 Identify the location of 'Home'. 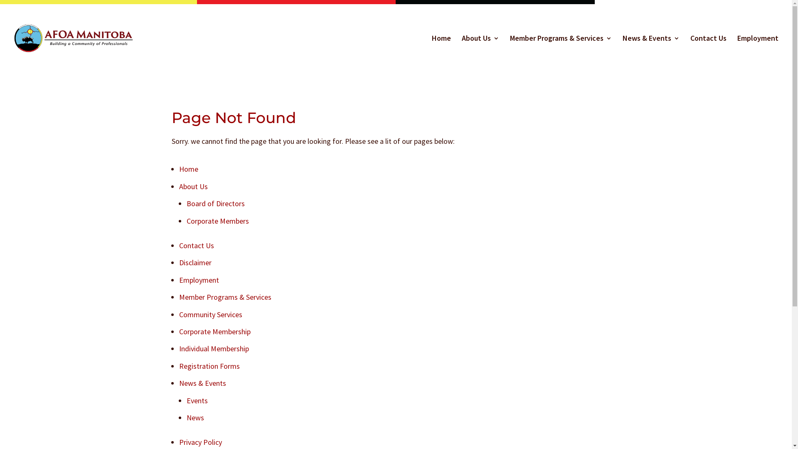
(187, 168).